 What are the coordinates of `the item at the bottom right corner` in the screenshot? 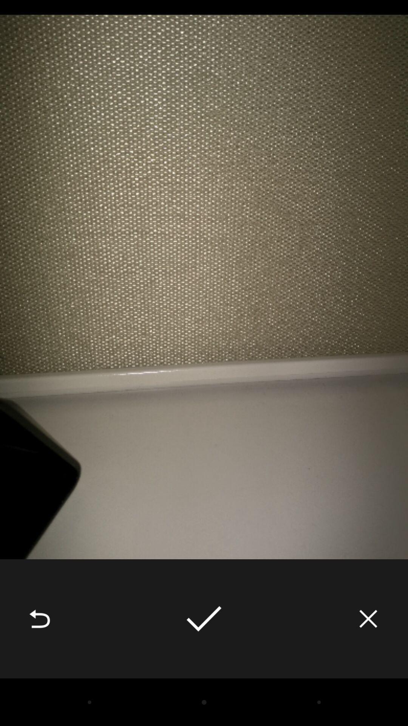 It's located at (368, 619).